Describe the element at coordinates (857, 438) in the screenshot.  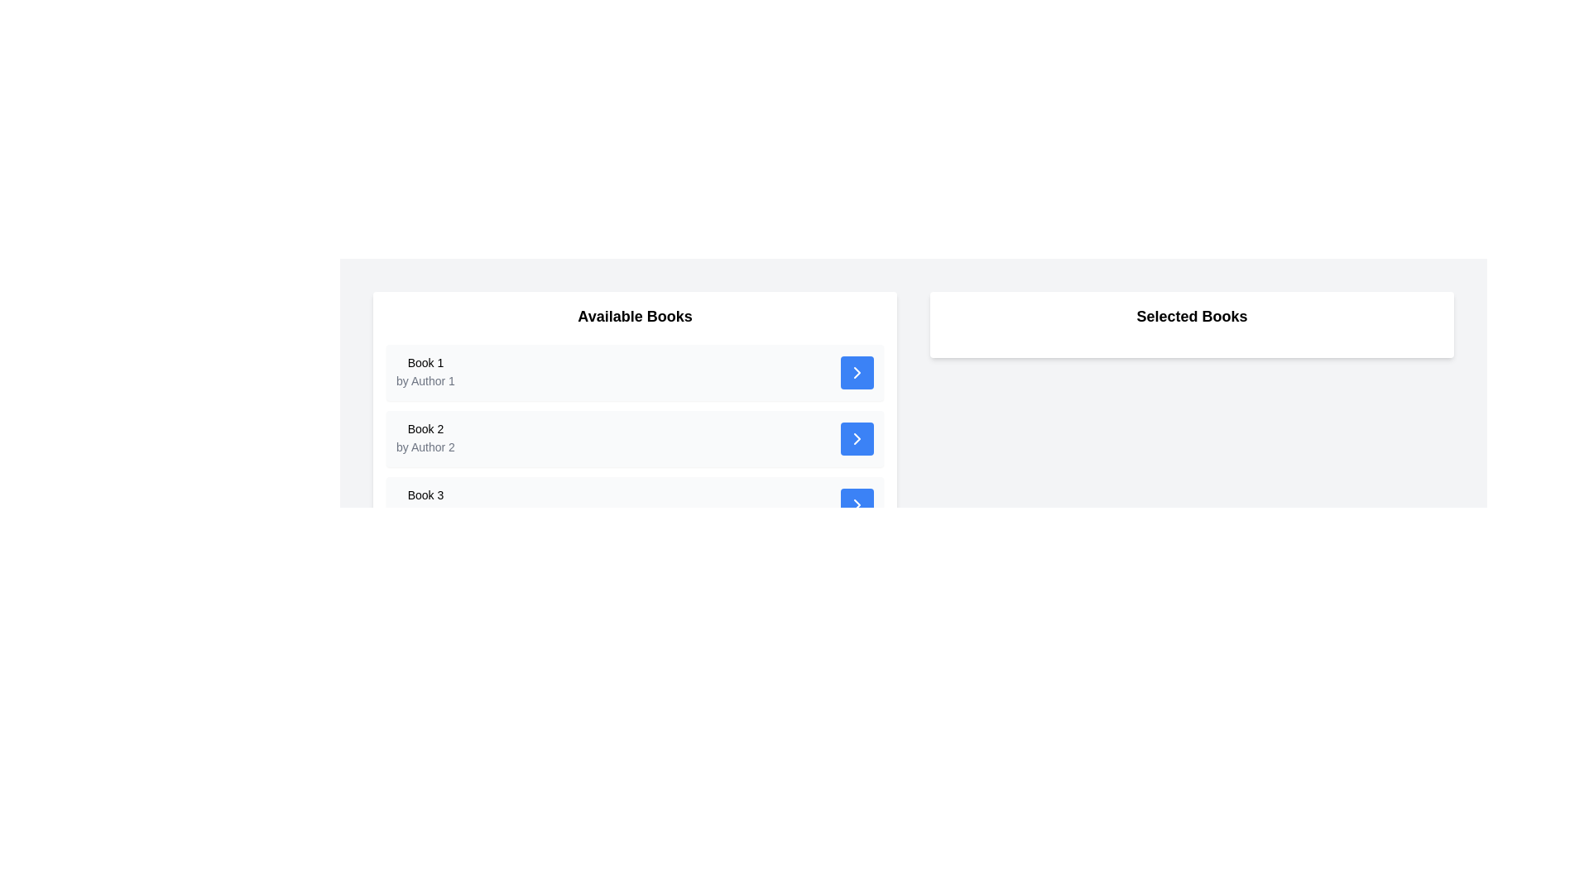
I see `the chevron icon button for 'Book 2 by Author 2'` at that location.